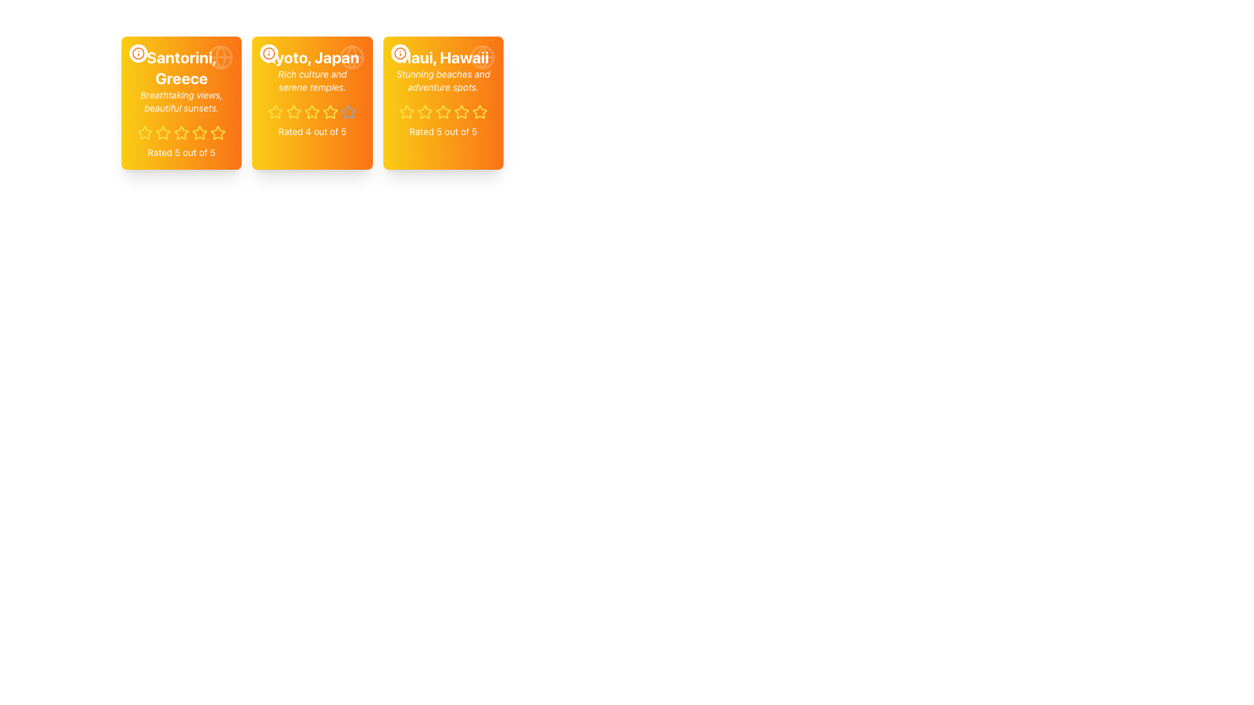 This screenshot has width=1254, height=705. What do you see at coordinates (482, 57) in the screenshot?
I see `the circular globe icon in the top-right corner of the 'Maui, Hawaii' card, which has an orange gradient background` at bounding box center [482, 57].